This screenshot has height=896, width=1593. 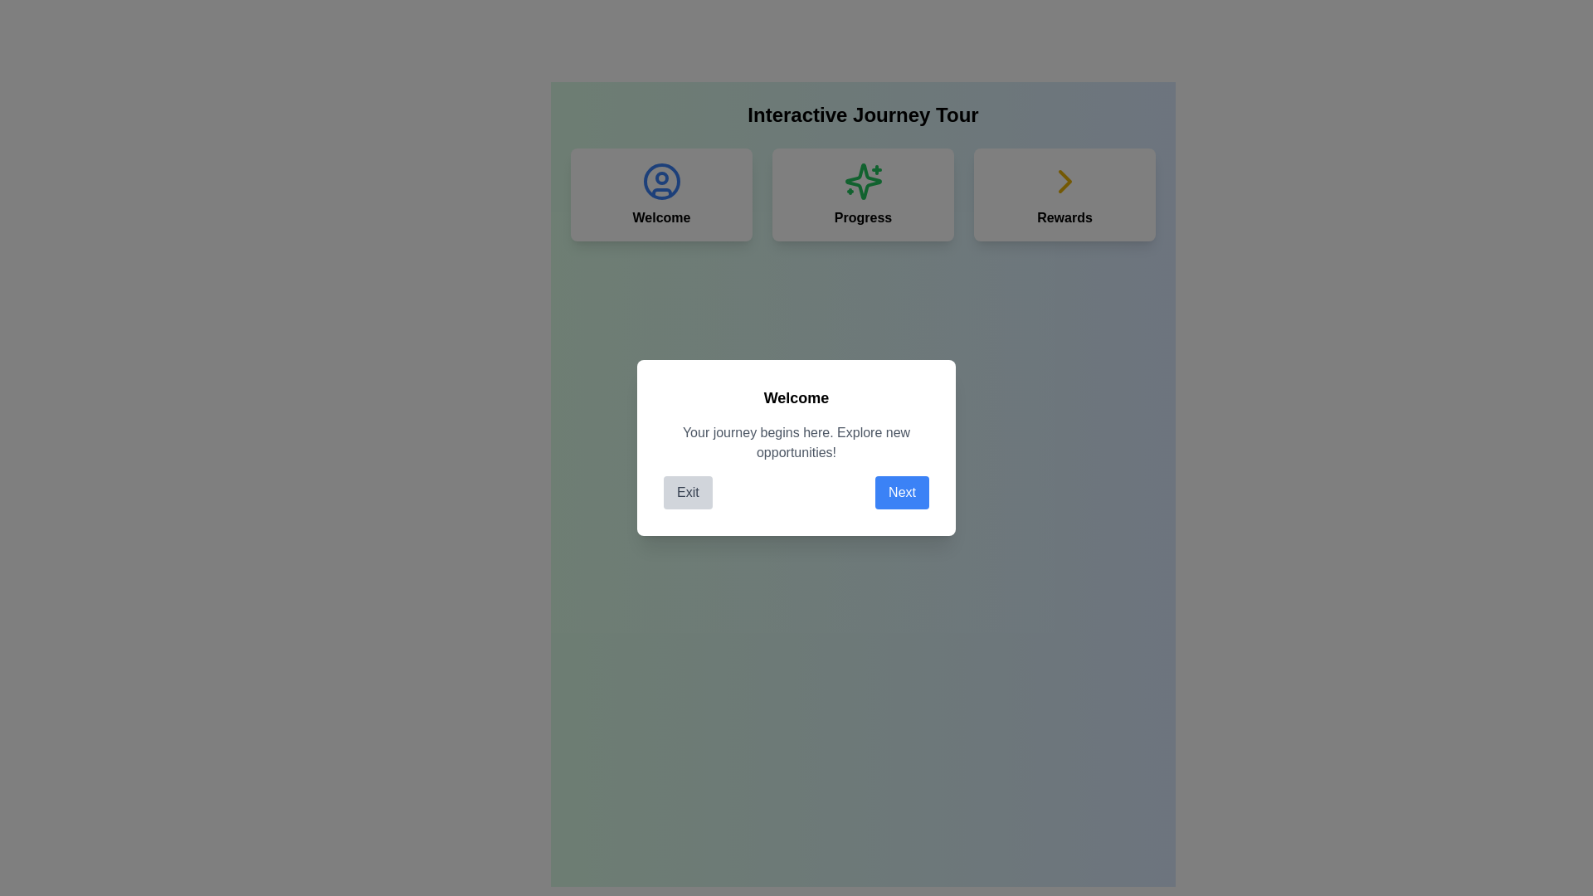 I want to click on information represented by the navigation grid layout that includes 'Welcome', 'Progress', and 'Rewards' sections, located below the 'Interactive Journey Tour' header, so click(x=863, y=194).